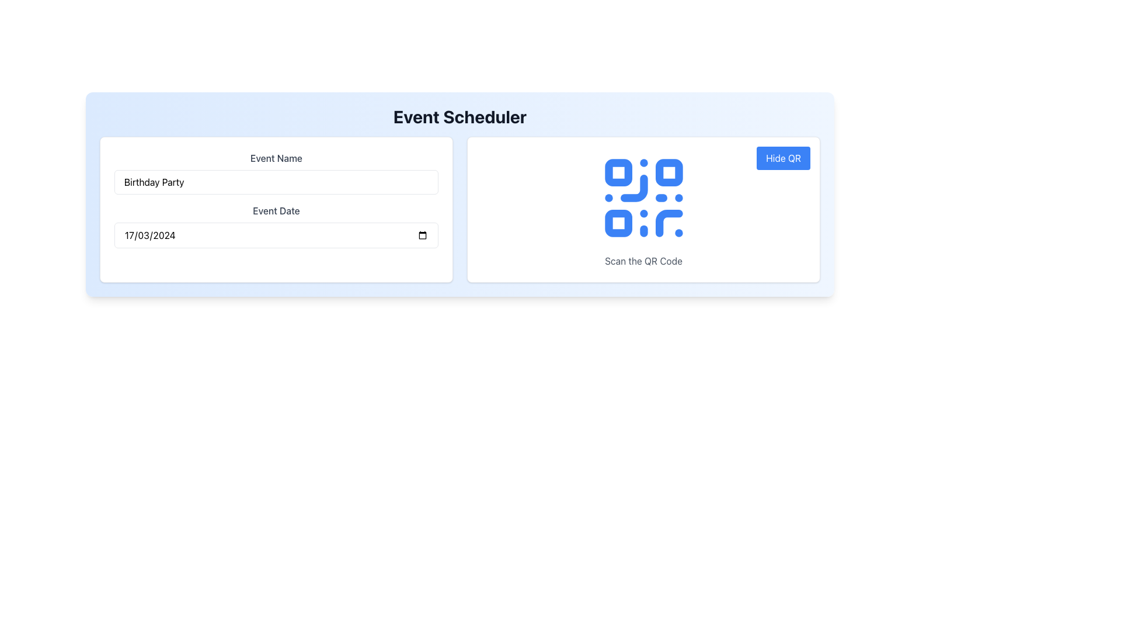 This screenshot has height=631, width=1121. Describe the element at coordinates (618, 223) in the screenshot. I see `the SVG rectangle element that represents a decorative part of the QR code, located at the bottom-left of the QR code` at that location.